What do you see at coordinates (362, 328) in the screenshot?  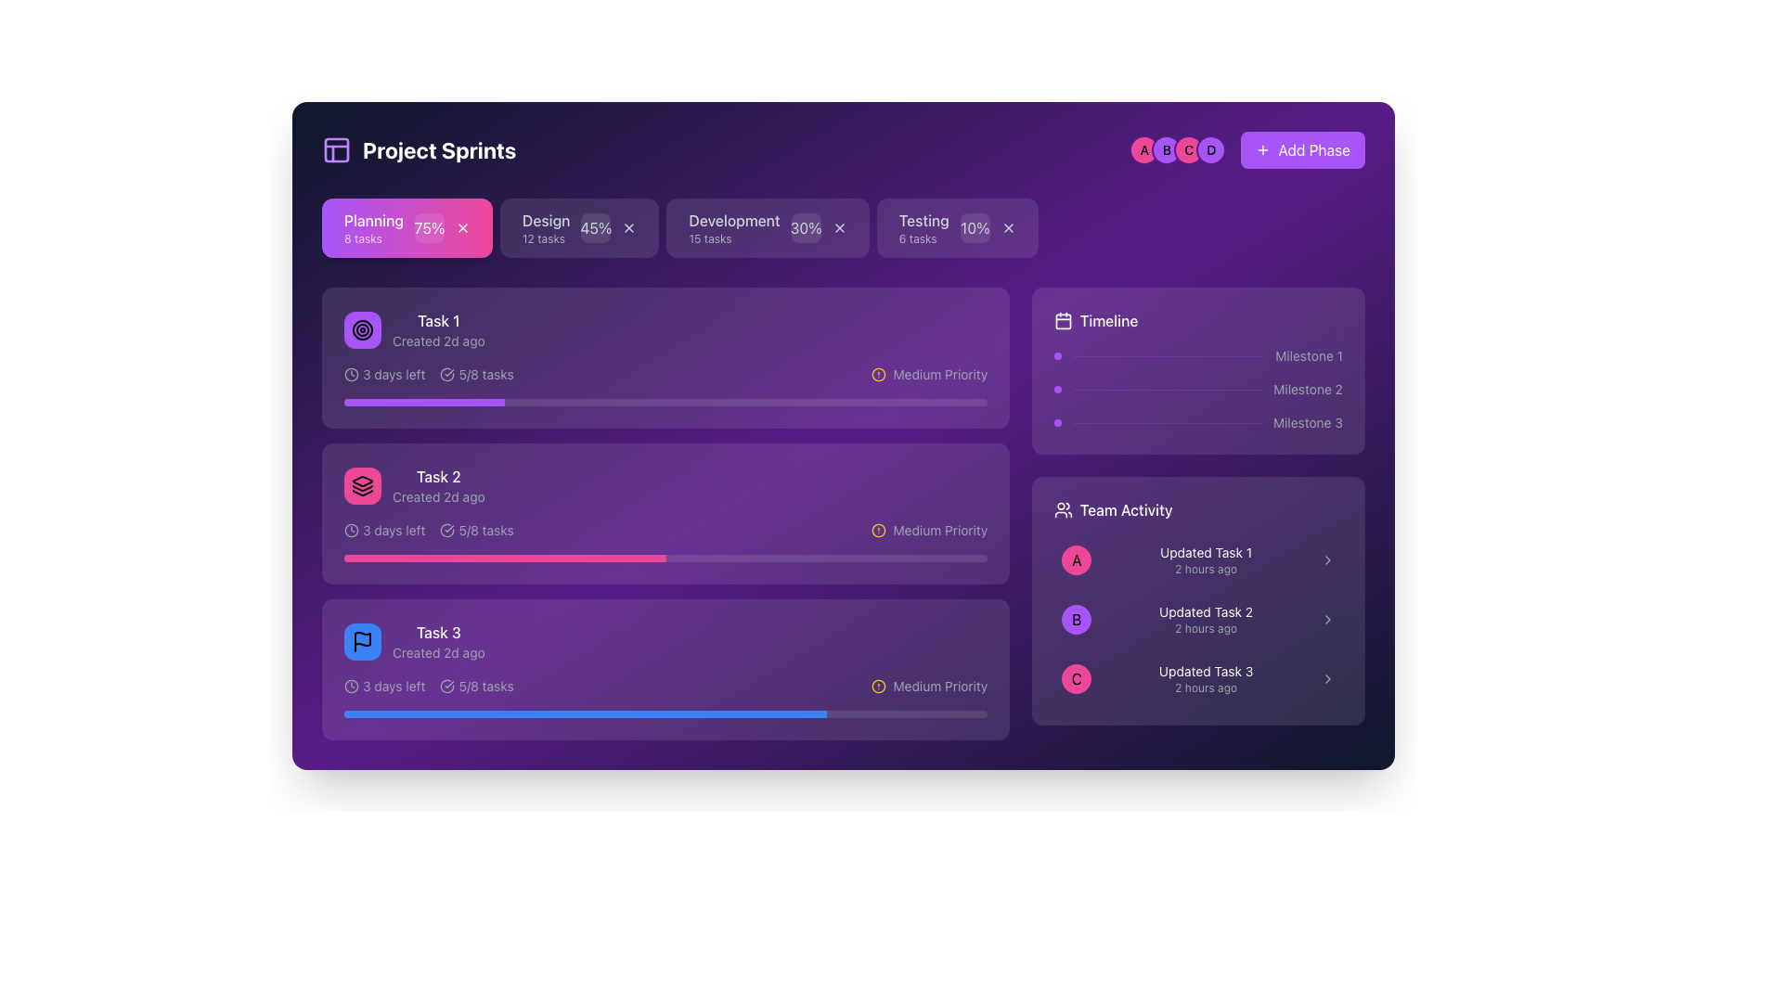 I see `the graphical icon located centrally within the concentric circles, adjacent to the heading 'Project Sprints'` at bounding box center [362, 328].